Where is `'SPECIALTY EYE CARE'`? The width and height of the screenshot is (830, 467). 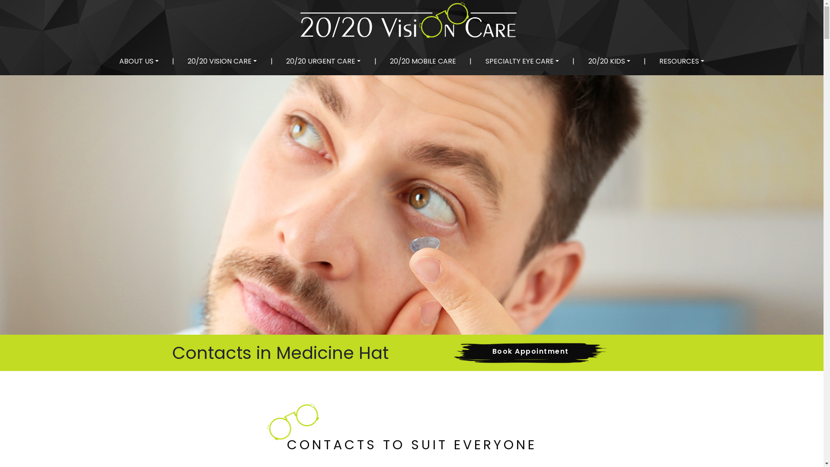
'SPECIALTY EYE CARE' is located at coordinates (481, 61).